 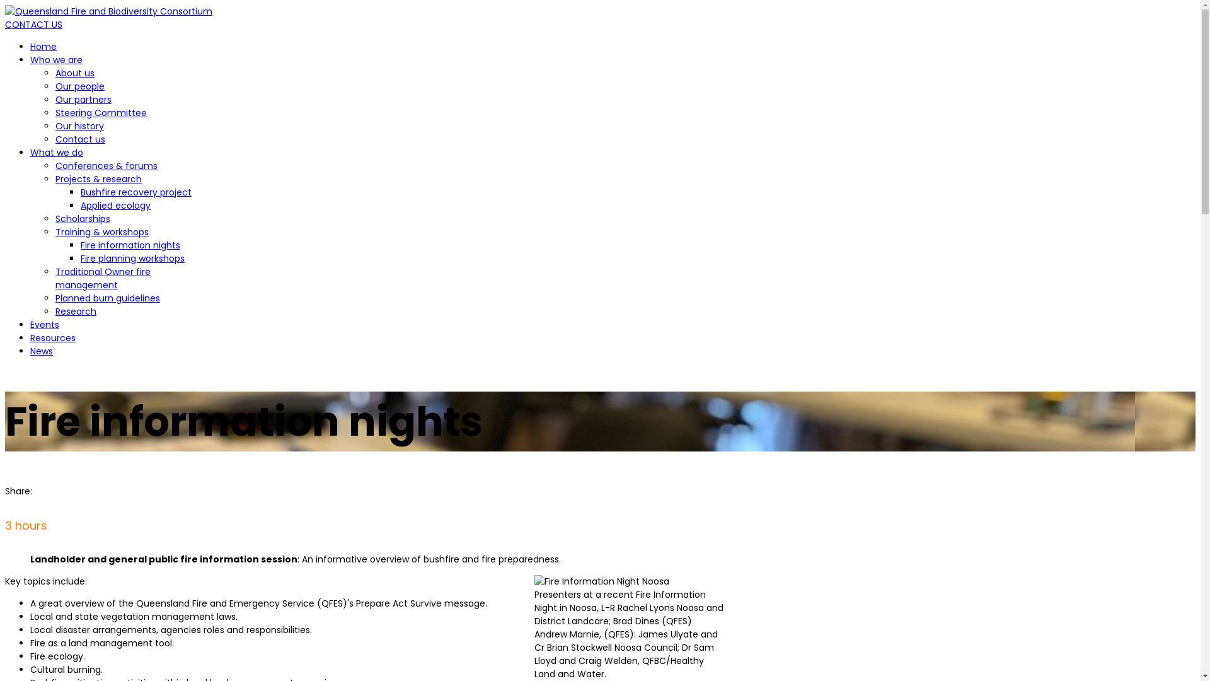 I want to click on 'Projects & research', so click(x=98, y=179).